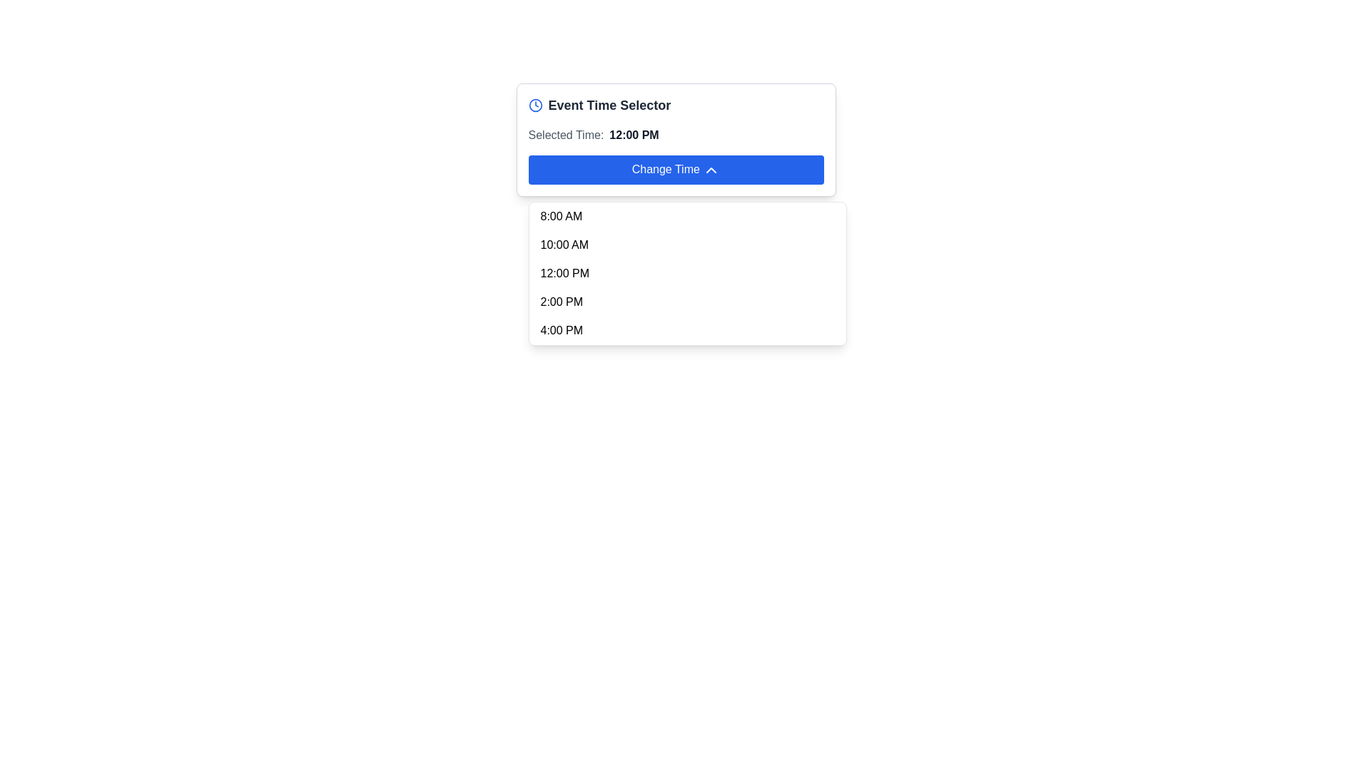  Describe the element at coordinates (711, 169) in the screenshot. I see `the upward triangular chevron icon located within the circular 'Change Time' blue button, positioned towards the right side` at that location.